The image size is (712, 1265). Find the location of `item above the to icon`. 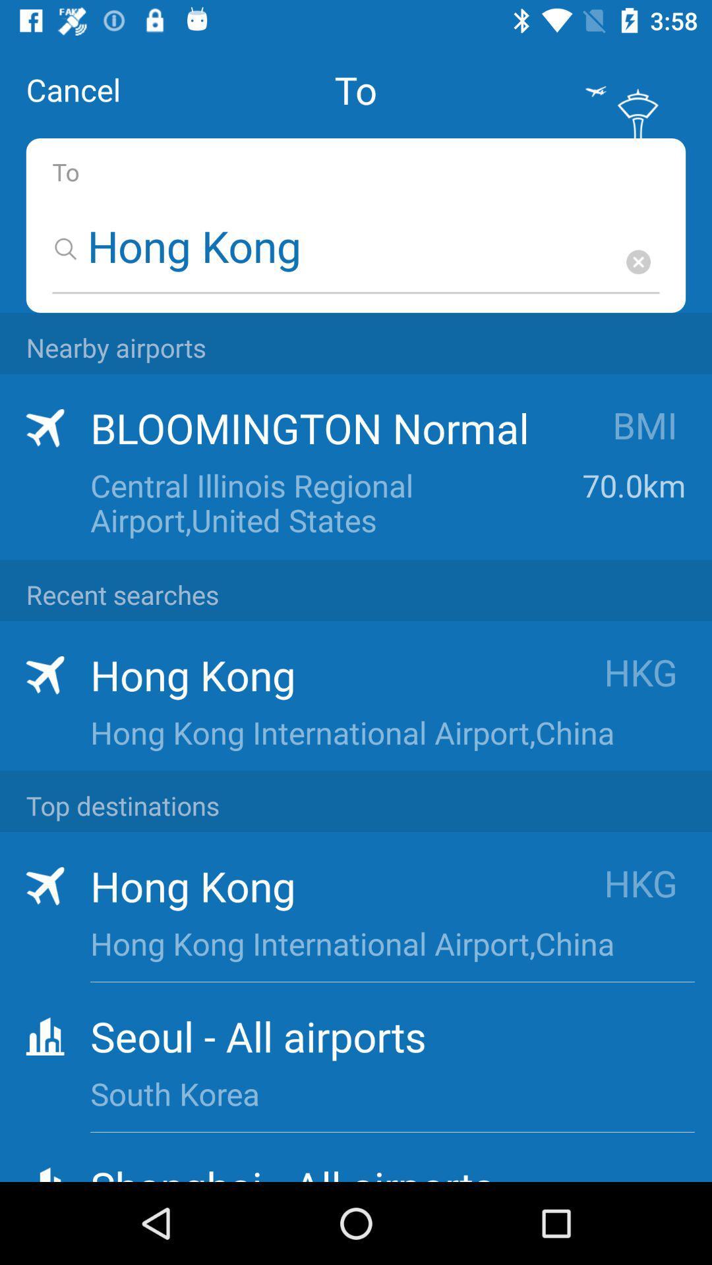

item above the to icon is located at coordinates (73, 89).